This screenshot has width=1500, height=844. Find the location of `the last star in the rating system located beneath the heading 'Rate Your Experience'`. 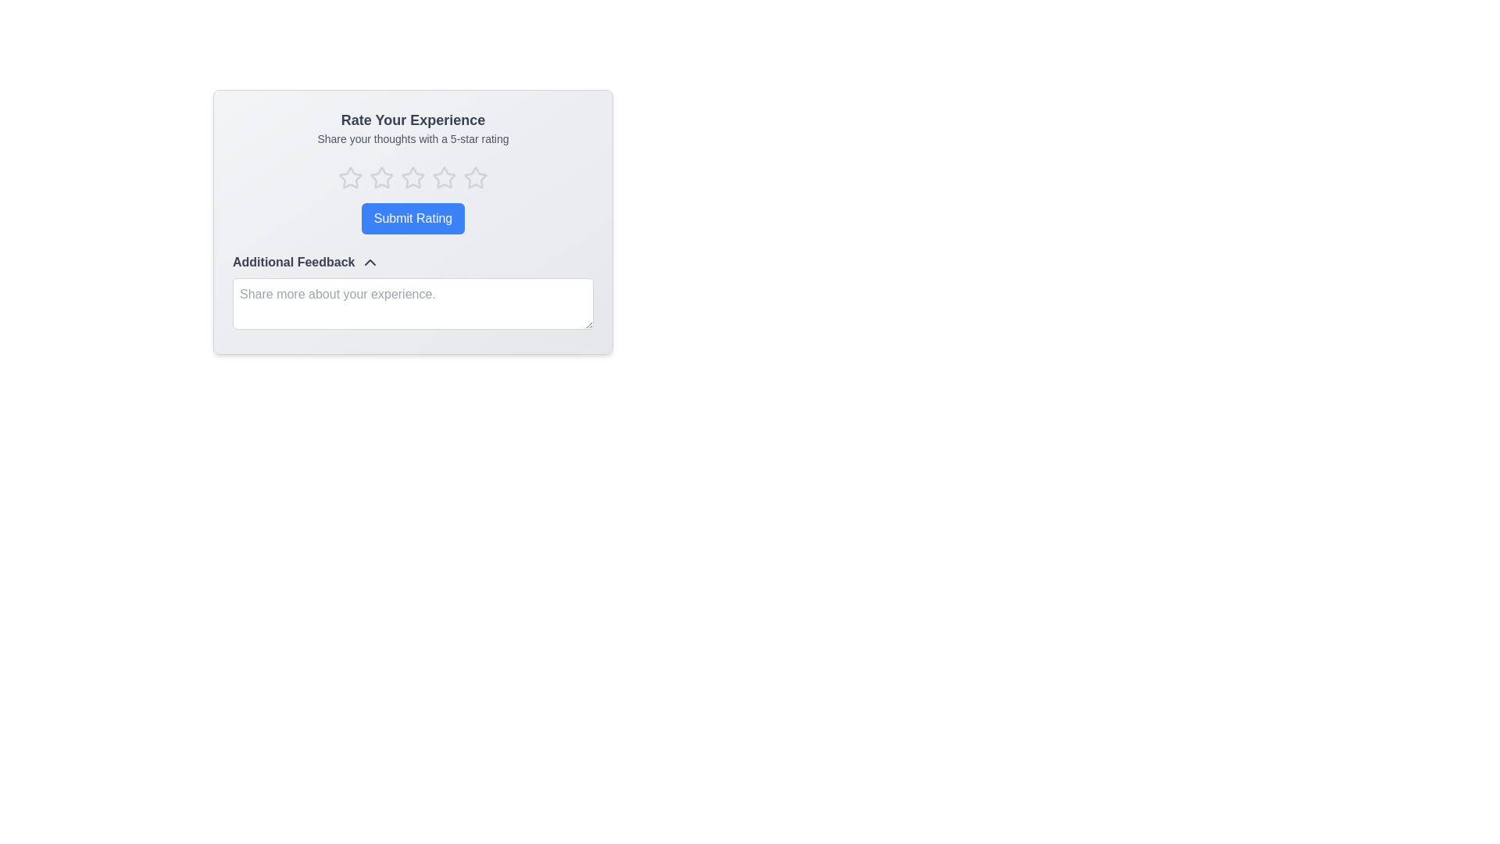

the last star in the rating system located beneath the heading 'Rate Your Experience' is located at coordinates (475, 177).